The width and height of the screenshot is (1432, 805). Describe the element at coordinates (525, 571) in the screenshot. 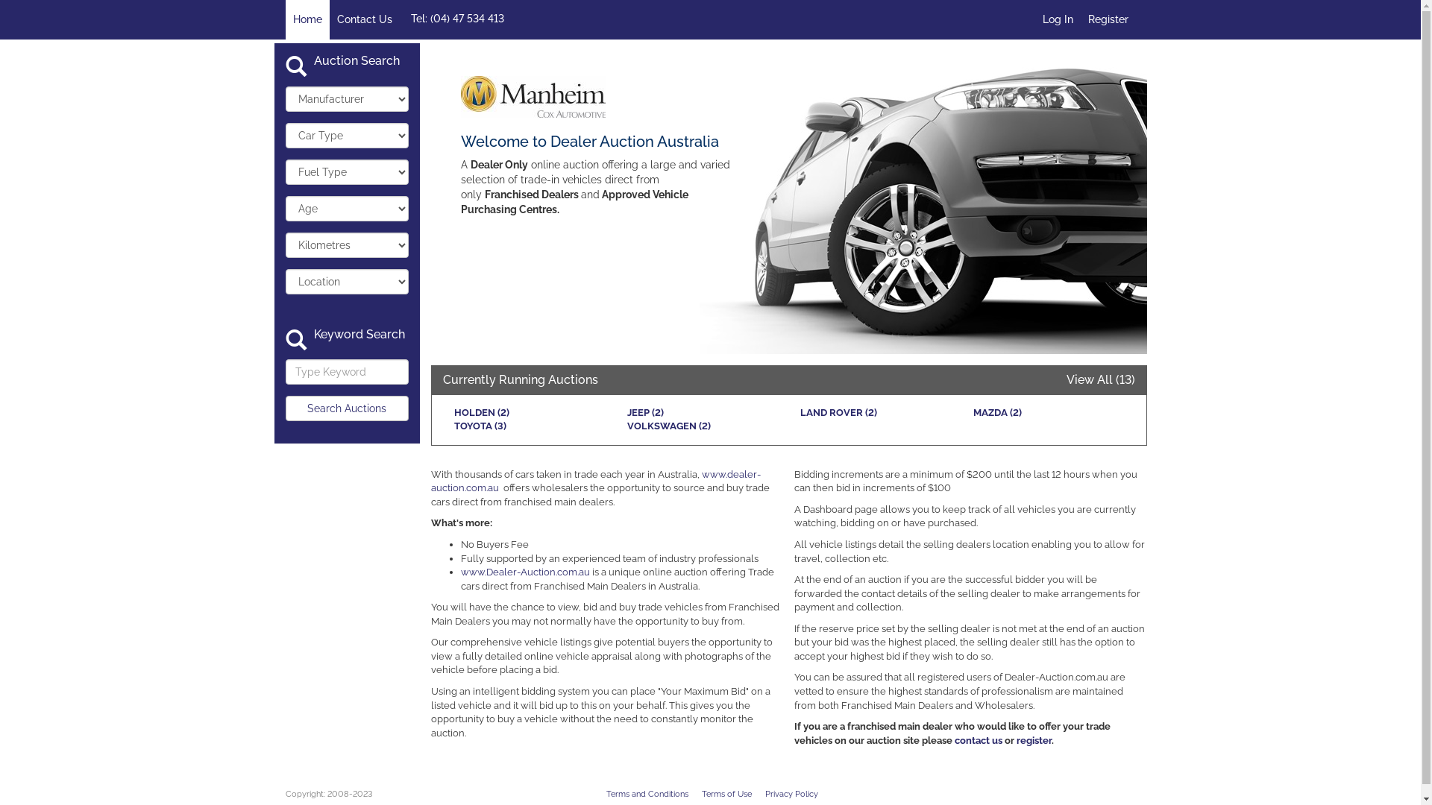

I see `'www.Dealer-Auction.com.au'` at that location.